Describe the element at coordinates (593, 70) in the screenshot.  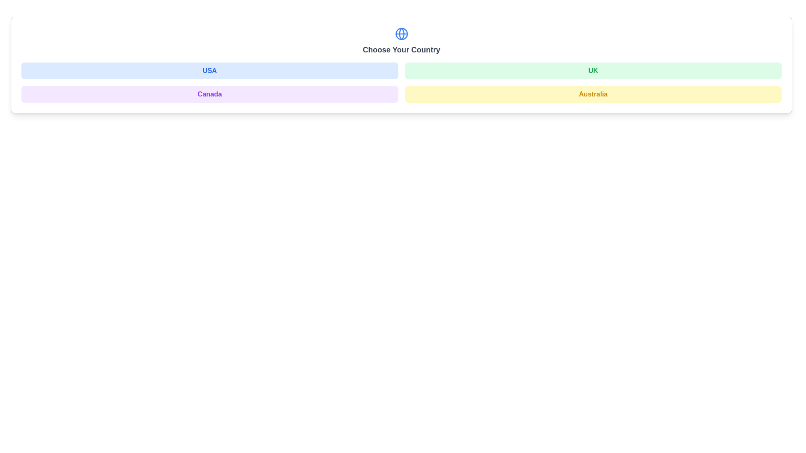
I see `the 'UK' country selection button, which is the second button in the top row` at that location.